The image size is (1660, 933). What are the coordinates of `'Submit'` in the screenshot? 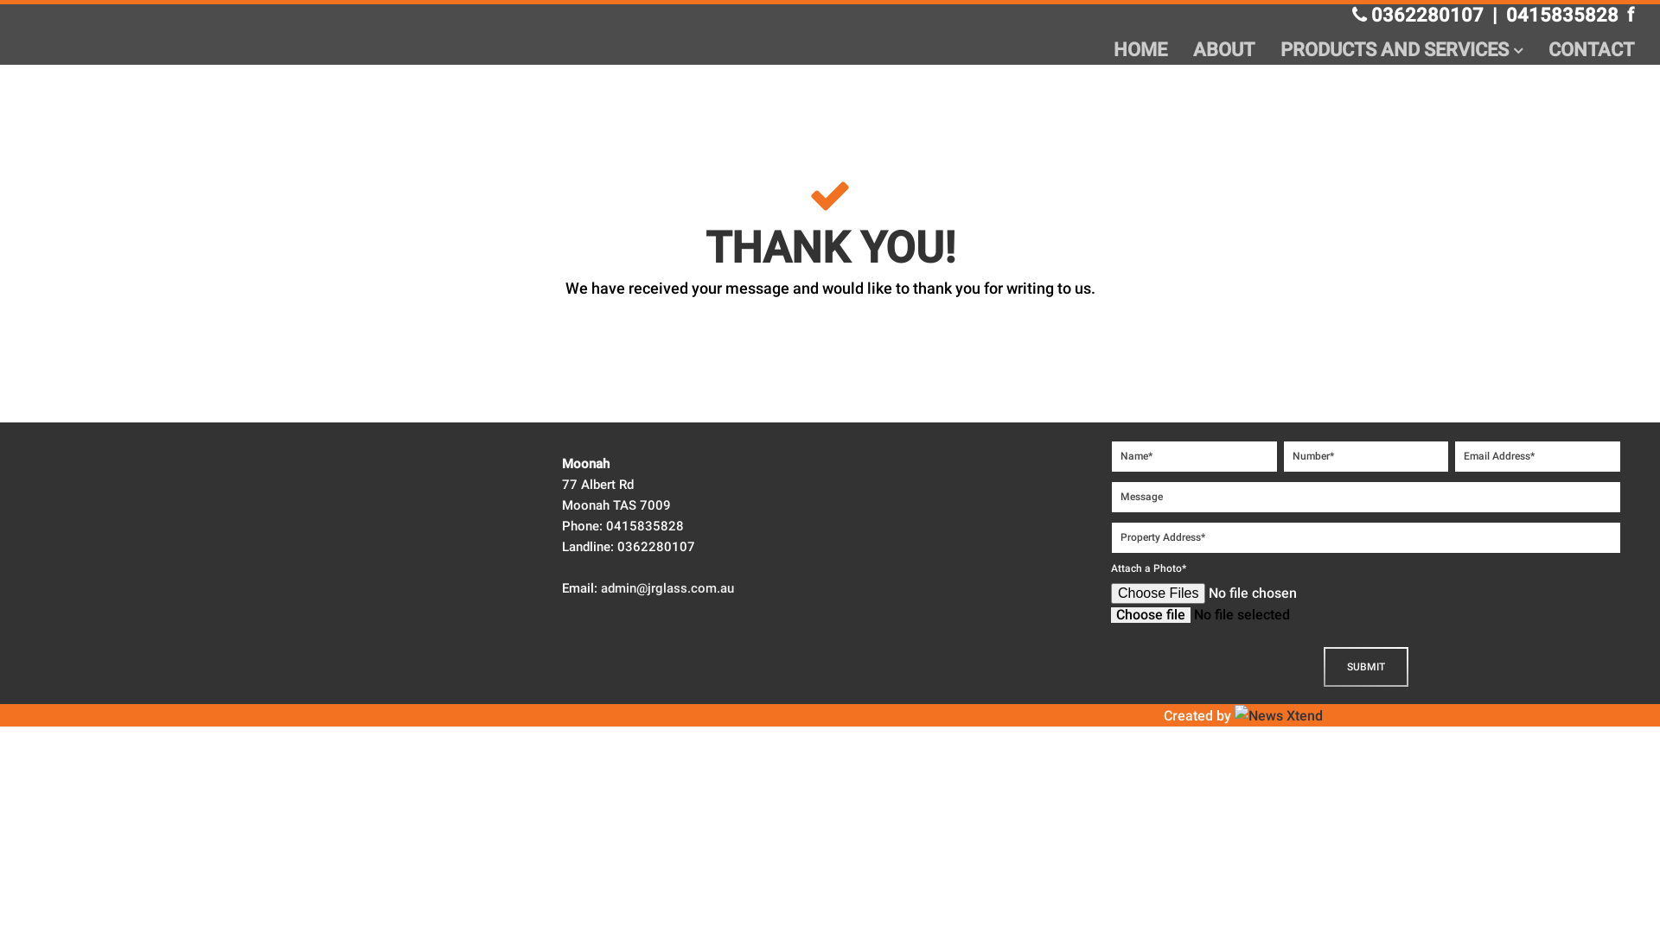 It's located at (1364, 665).